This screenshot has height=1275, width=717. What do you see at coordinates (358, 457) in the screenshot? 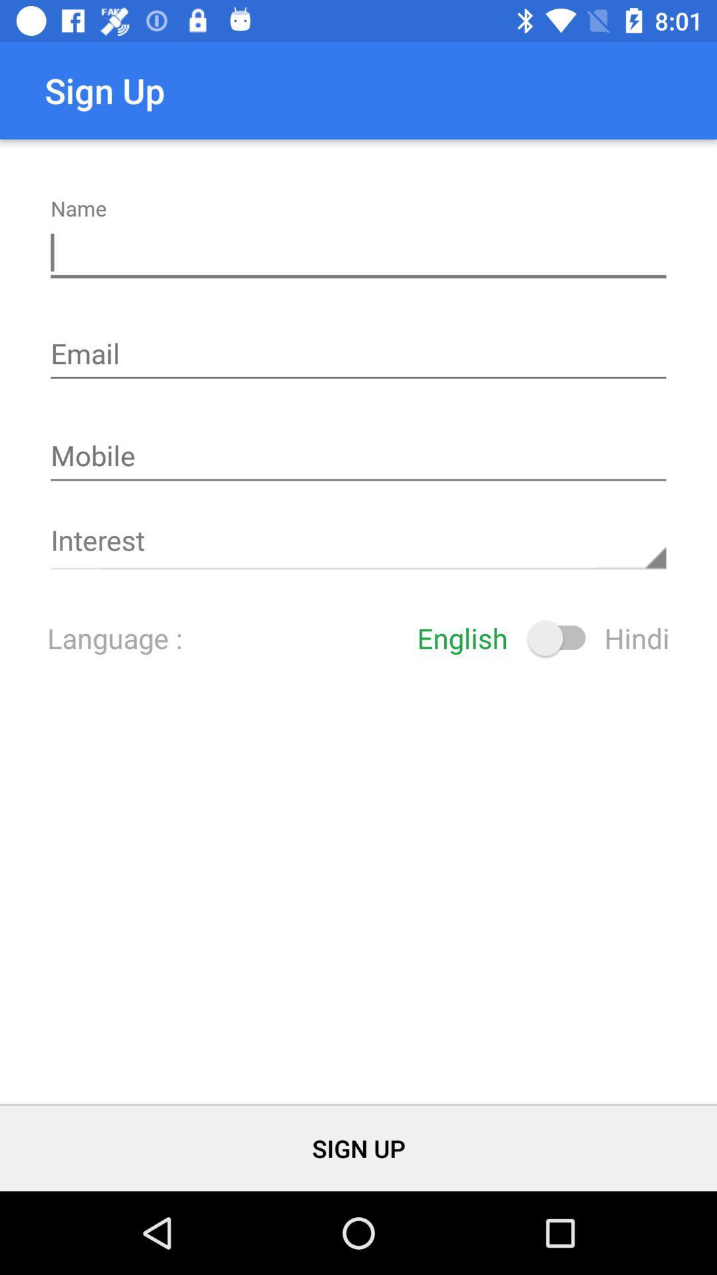
I see `mobile number` at bounding box center [358, 457].